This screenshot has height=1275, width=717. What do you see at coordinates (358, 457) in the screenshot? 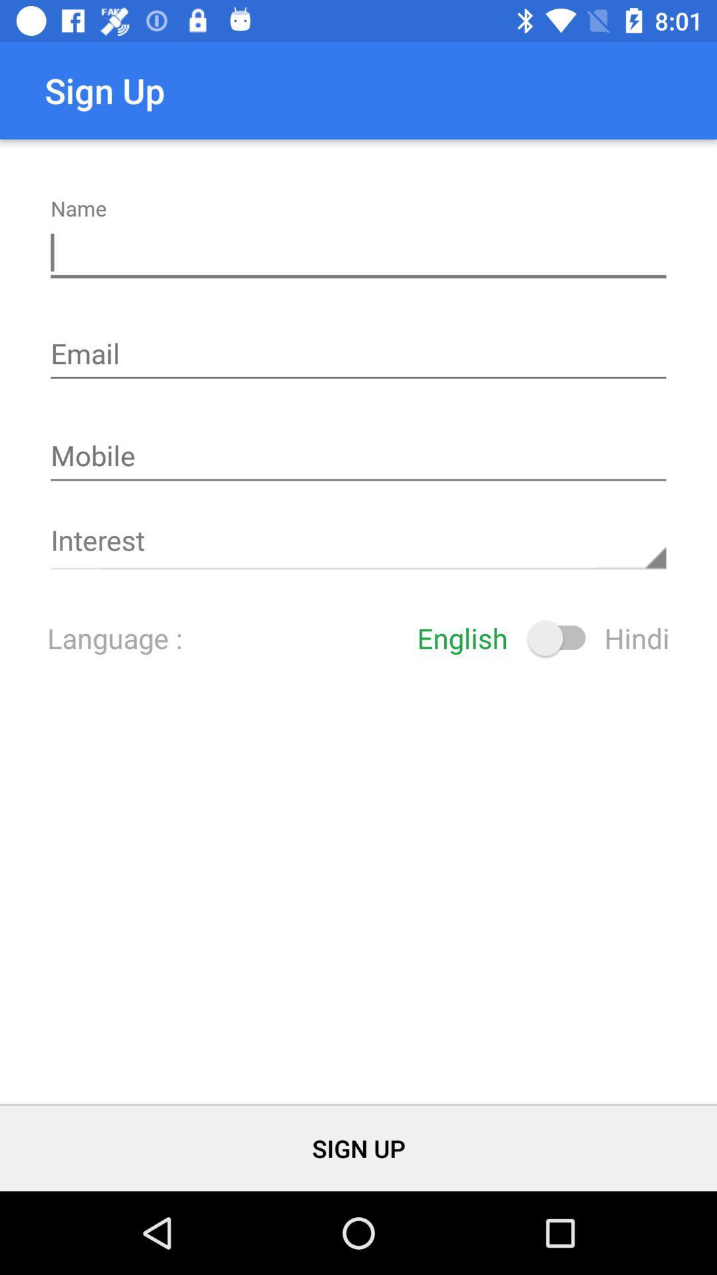
I see `mobile number` at bounding box center [358, 457].